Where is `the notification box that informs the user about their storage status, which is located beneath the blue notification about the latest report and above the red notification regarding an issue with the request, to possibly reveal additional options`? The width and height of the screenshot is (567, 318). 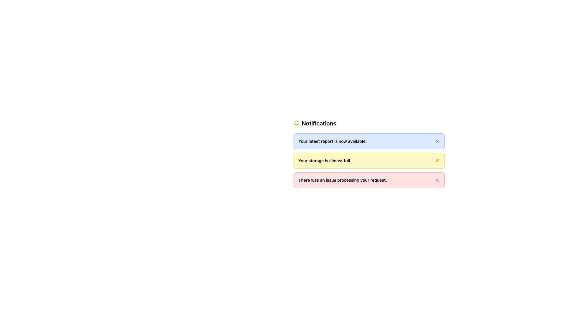 the notification box that informs the user about their storage status, which is located beneath the blue notification about the latest report and above the red notification regarding an issue with the request, to possibly reveal additional options is located at coordinates (369, 161).